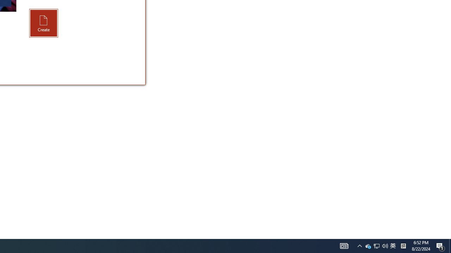 Image resolution: width=451 pixels, height=253 pixels. What do you see at coordinates (440, 245) in the screenshot?
I see `'Action Center, 1 new notification'` at bounding box center [440, 245].